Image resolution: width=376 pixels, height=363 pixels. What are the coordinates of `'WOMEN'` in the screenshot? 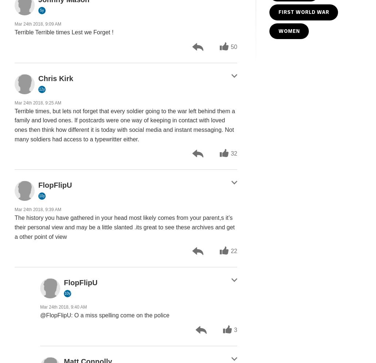 It's located at (288, 30).